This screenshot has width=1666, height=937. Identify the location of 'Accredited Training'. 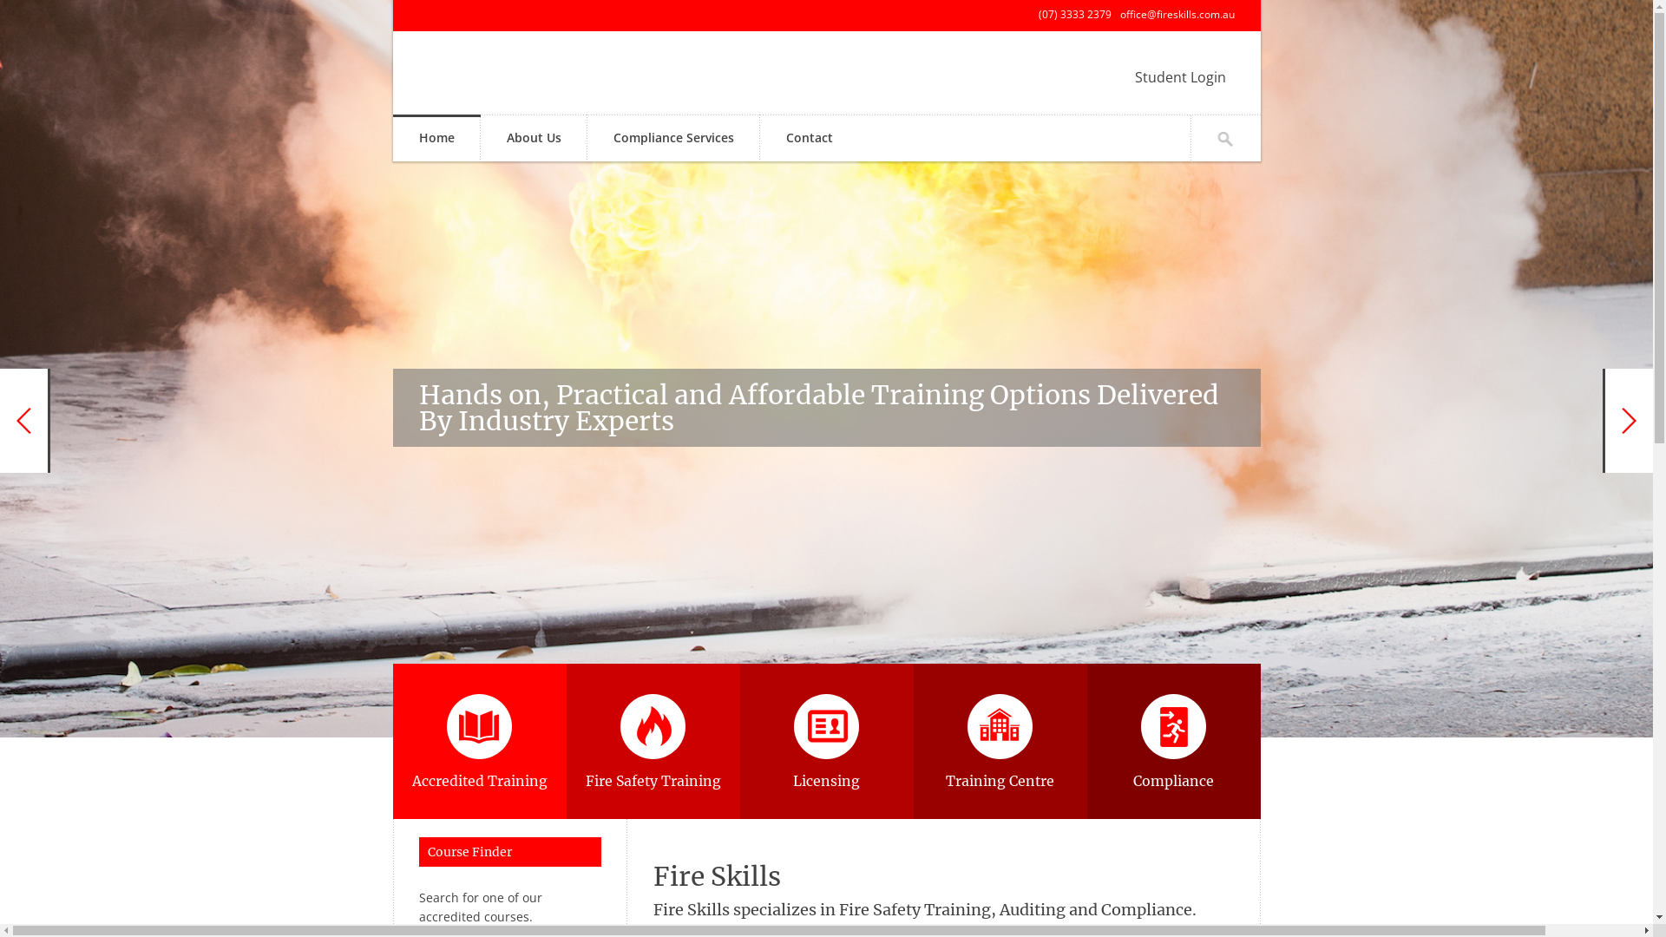
(479, 741).